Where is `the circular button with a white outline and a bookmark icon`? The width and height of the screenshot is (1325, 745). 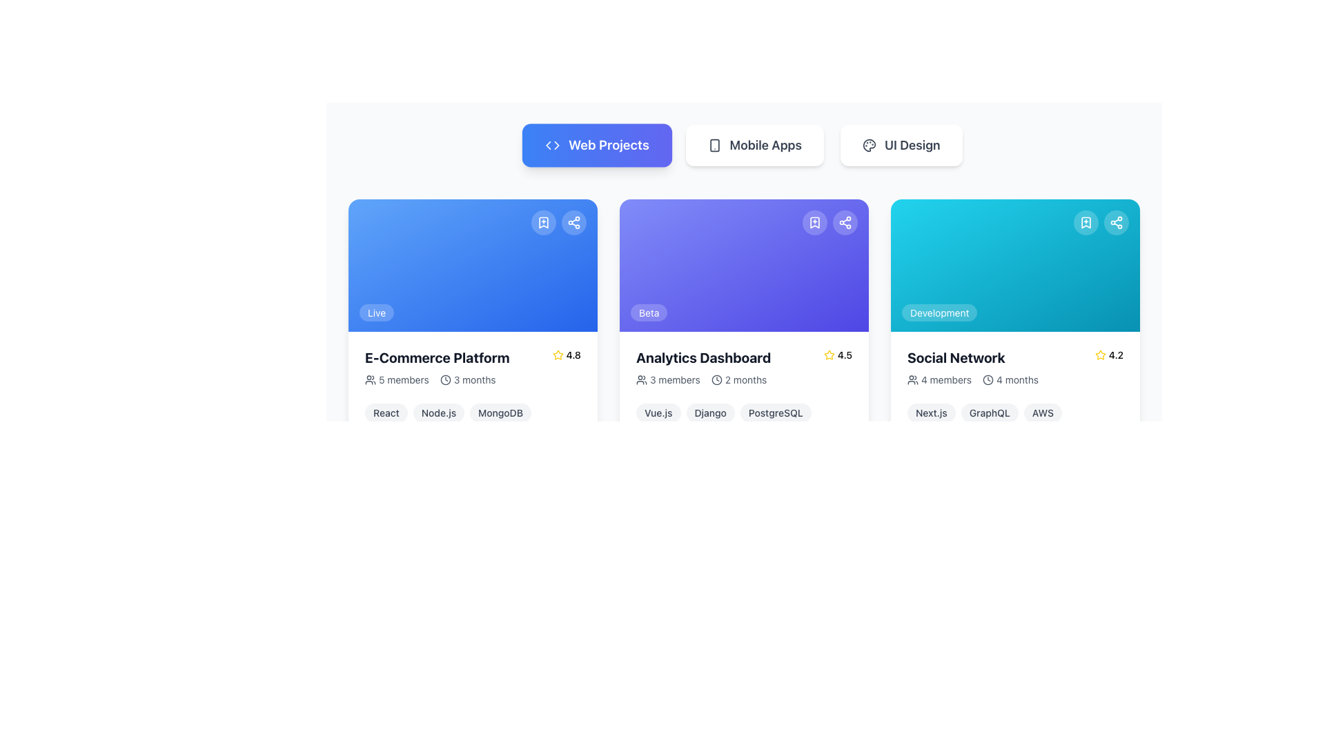 the circular button with a white outline and a bookmark icon is located at coordinates (1086, 222).